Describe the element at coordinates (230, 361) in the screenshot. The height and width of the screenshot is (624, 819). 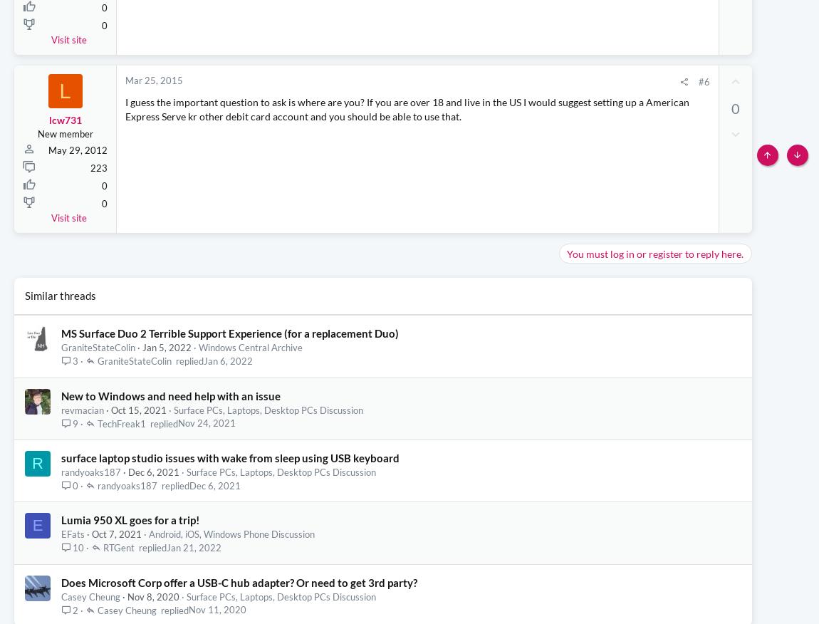
I see `'MS Surface Duo 2 Terrible Support Experience (for a replacement Duo)'` at that location.